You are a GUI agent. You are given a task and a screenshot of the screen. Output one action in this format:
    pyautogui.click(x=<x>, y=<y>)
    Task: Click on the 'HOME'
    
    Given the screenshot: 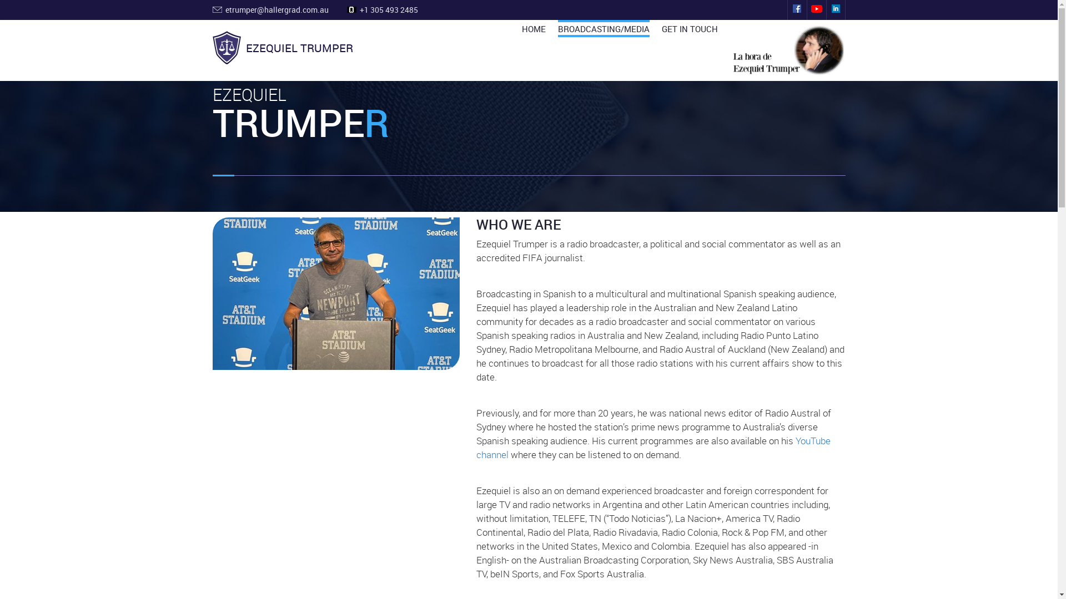 What is the action you would take?
    pyautogui.click(x=534, y=28)
    